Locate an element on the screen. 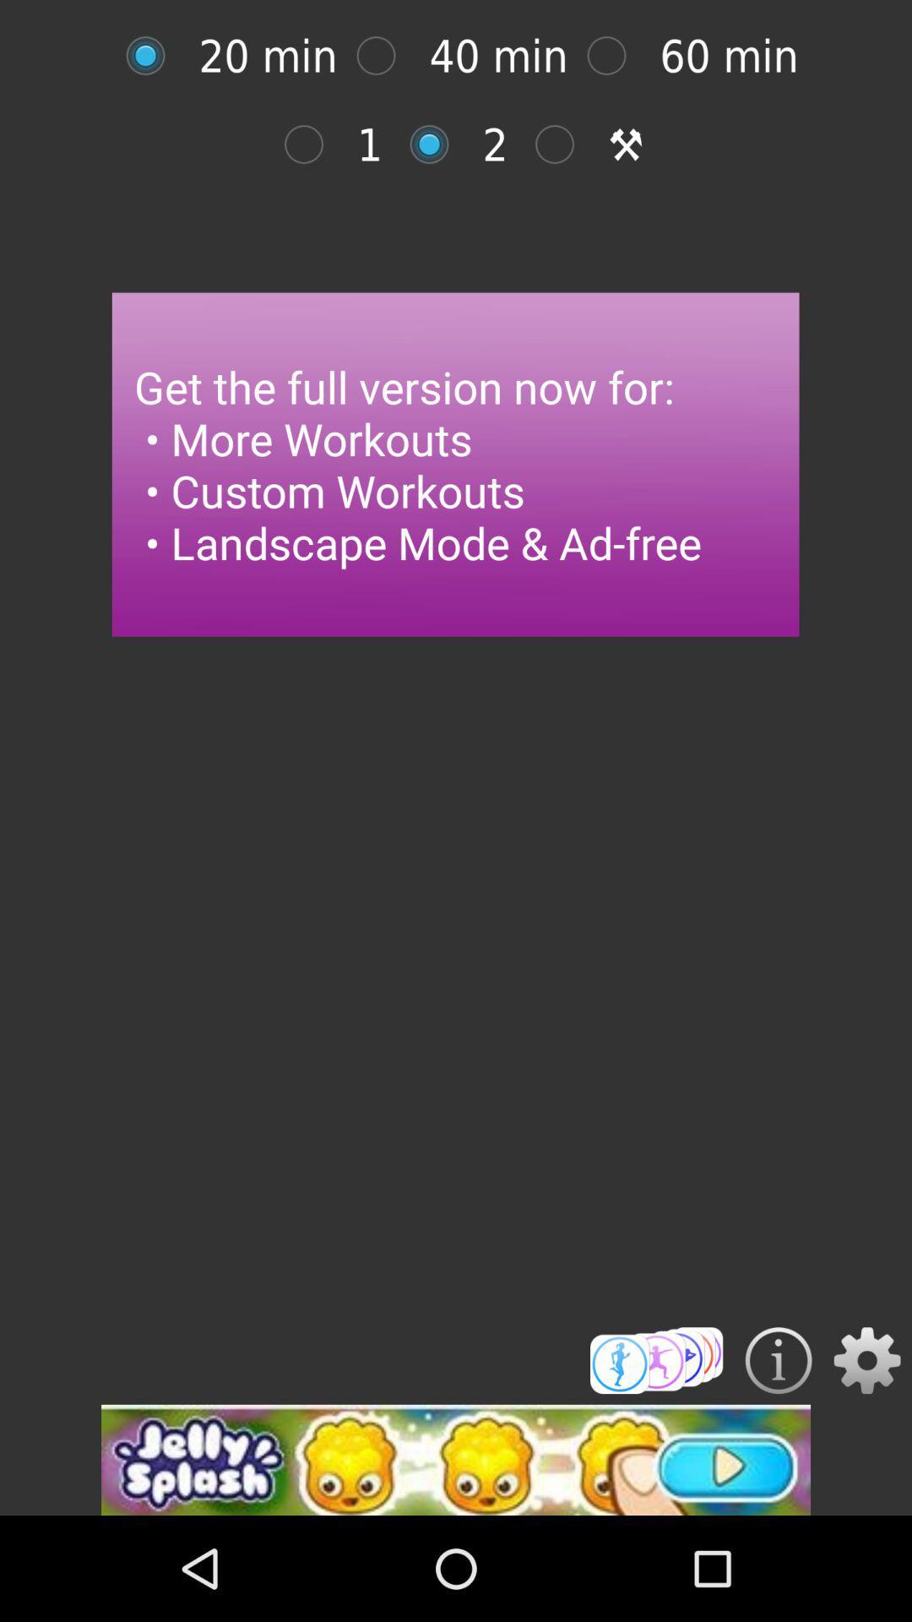  workout is located at coordinates (655, 1360).